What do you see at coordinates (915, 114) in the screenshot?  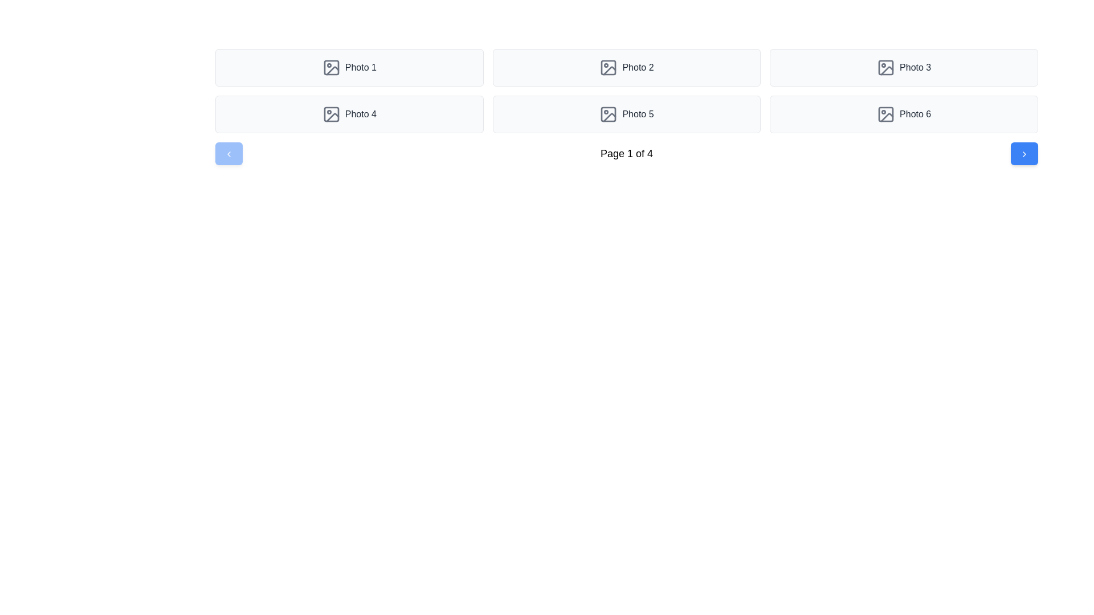 I see `the 'Photo 6' text label, which indicates the title or identifier of a photo item in the gallery, positioned at the bottom-right side of the grid` at bounding box center [915, 114].